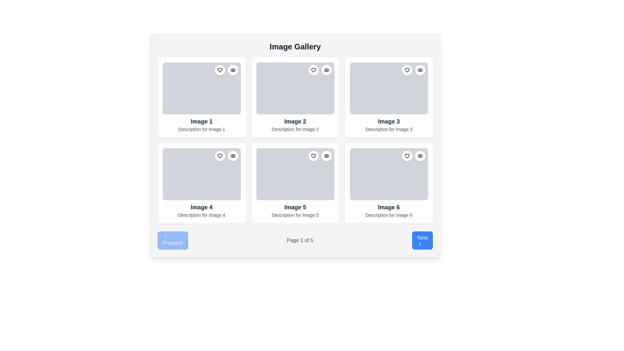 The width and height of the screenshot is (624, 351). Describe the element at coordinates (407, 70) in the screenshot. I see `the 'like' button located in the top-right corner of the third image card in the first row of the image gallery` at that location.